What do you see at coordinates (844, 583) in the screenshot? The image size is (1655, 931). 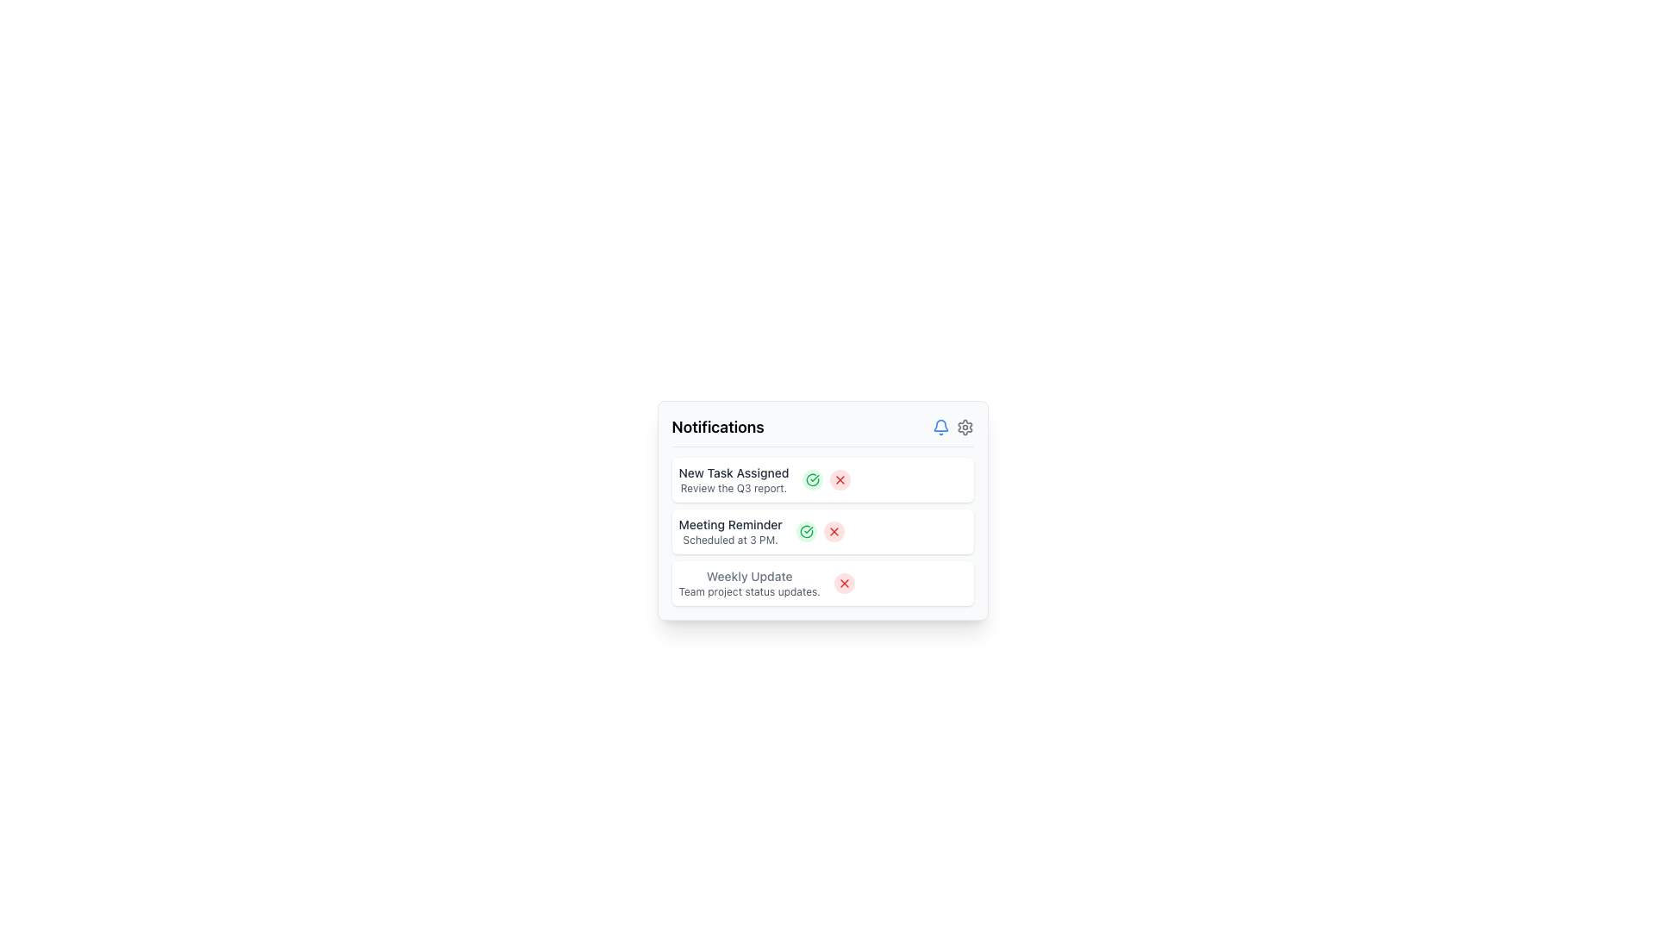 I see `the button located at the far-right of the 'Weekly Update' notification card` at bounding box center [844, 583].